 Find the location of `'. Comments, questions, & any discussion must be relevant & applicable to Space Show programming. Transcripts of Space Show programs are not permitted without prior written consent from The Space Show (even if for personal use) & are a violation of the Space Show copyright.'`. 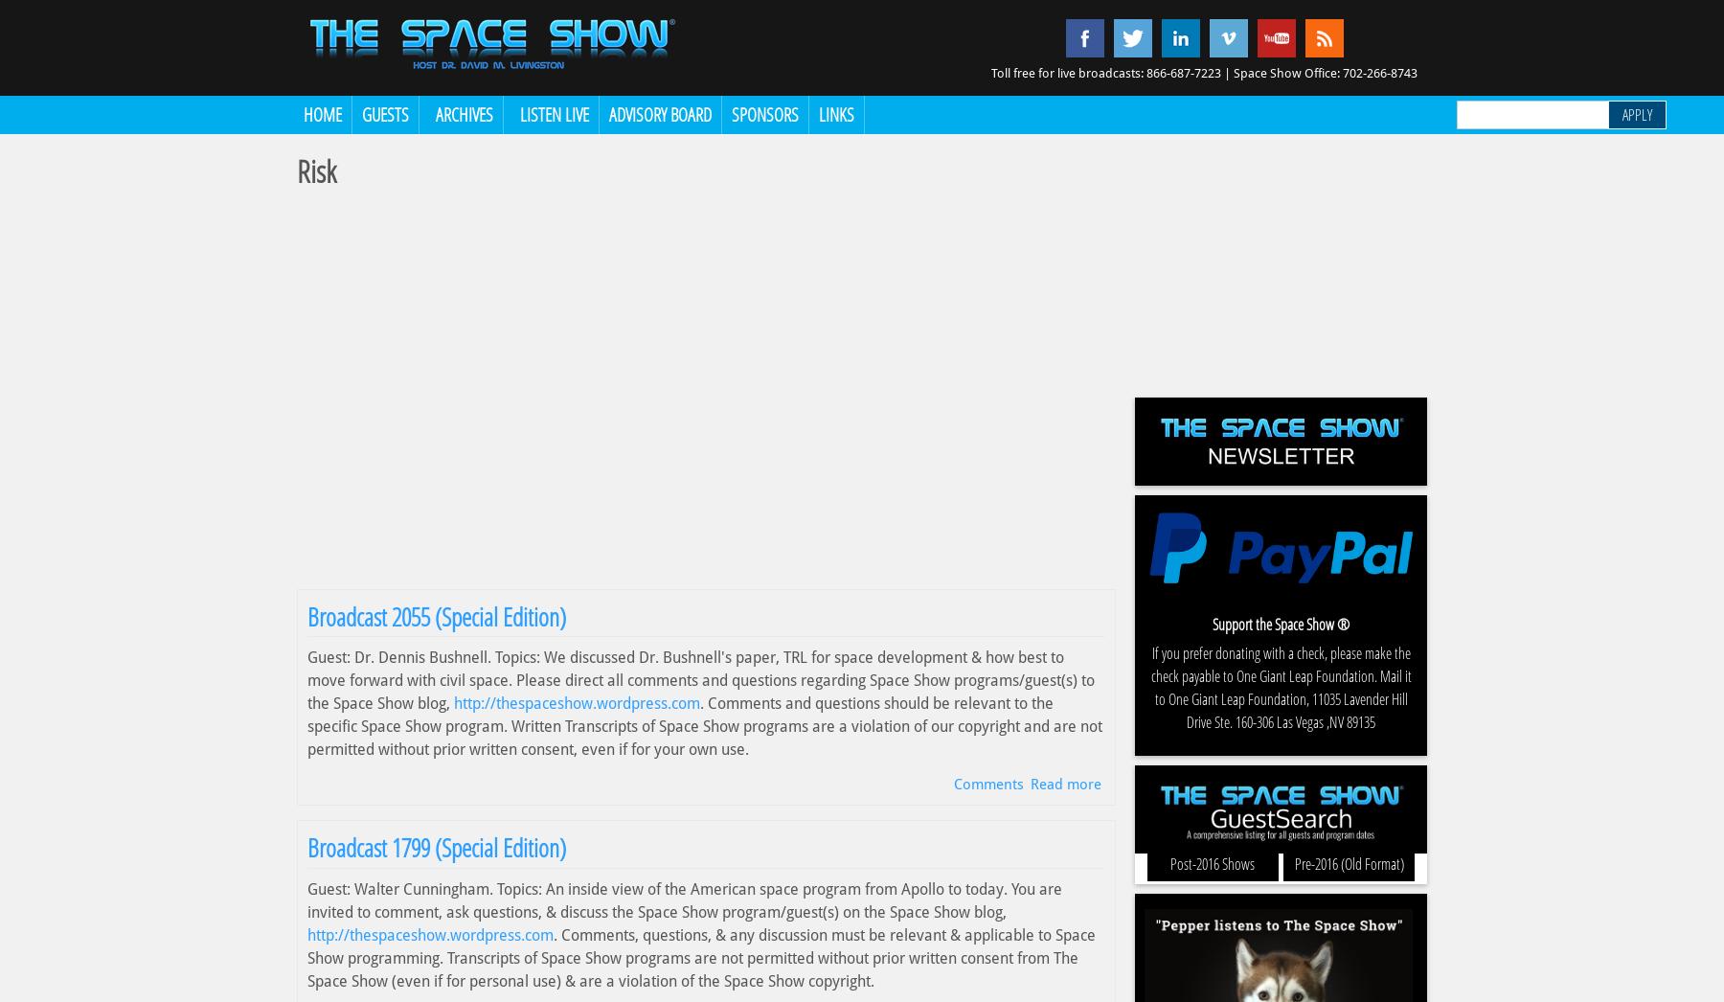

'. Comments, questions, & any discussion must be relevant & applicable to Space Show programming. Transcripts of Space Show programs are not permitted without prior written consent from The Space Show (even if for personal use) & are a violation of the Space Show copyright.' is located at coordinates (700, 957).